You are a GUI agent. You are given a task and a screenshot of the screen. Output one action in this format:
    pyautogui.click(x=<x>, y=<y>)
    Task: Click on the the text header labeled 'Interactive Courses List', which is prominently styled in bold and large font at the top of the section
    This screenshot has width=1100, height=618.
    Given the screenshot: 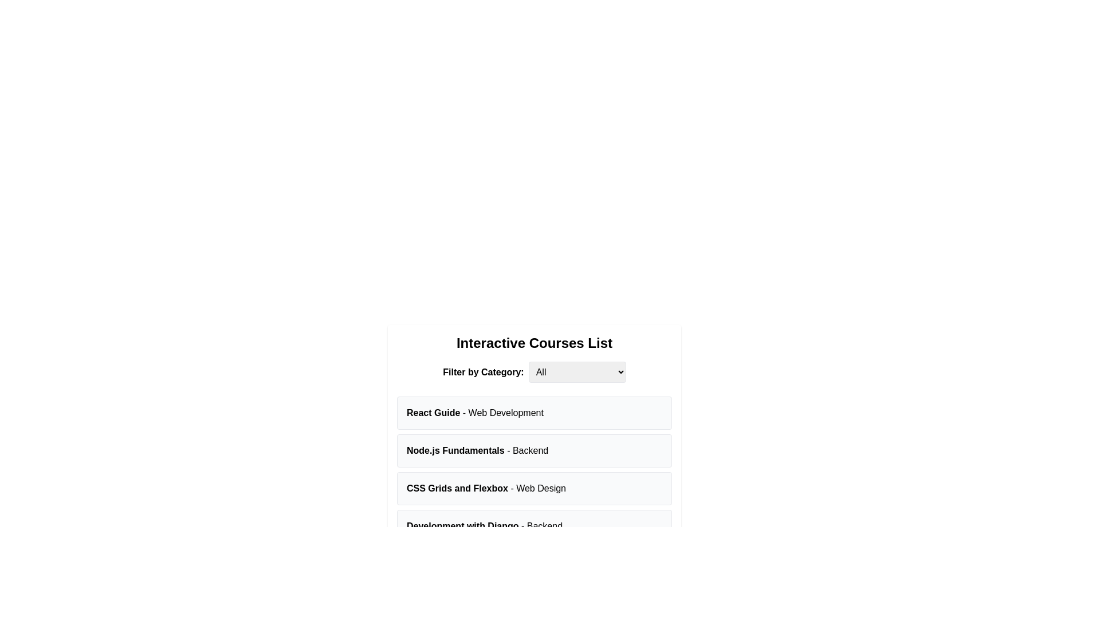 What is the action you would take?
    pyautogui.click(x=533, y=343)
    